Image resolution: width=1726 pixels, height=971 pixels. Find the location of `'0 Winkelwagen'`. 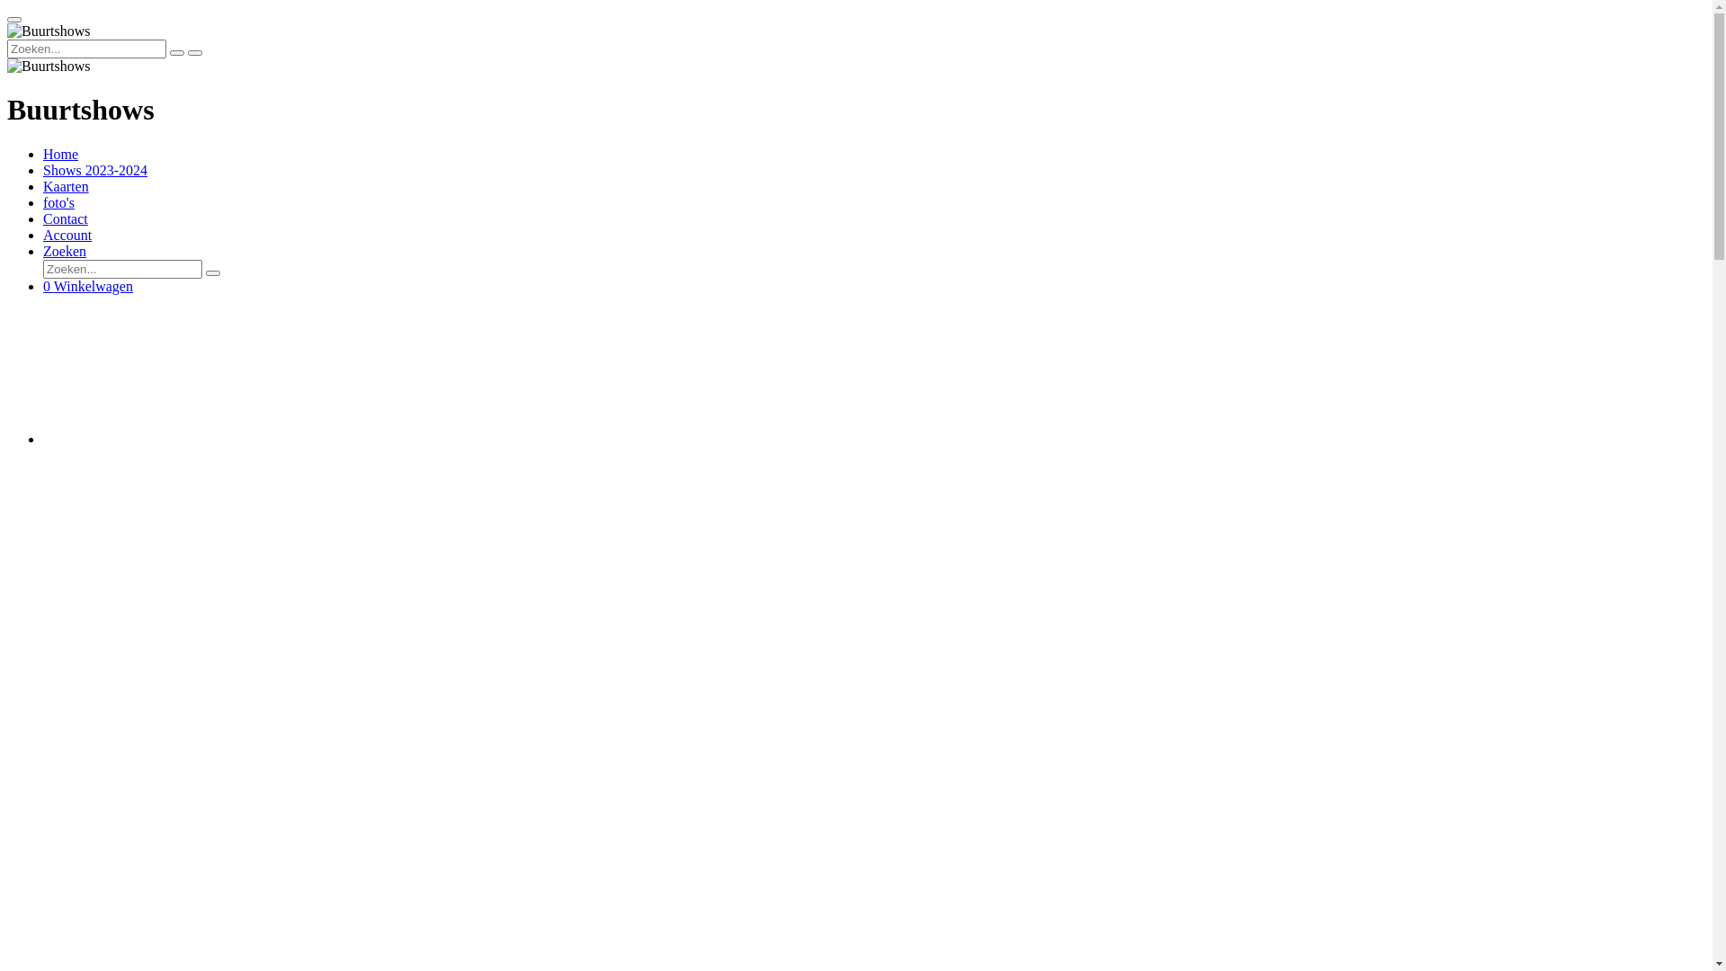

'0 Winkelwagen' is located at coordinates (86, 285).